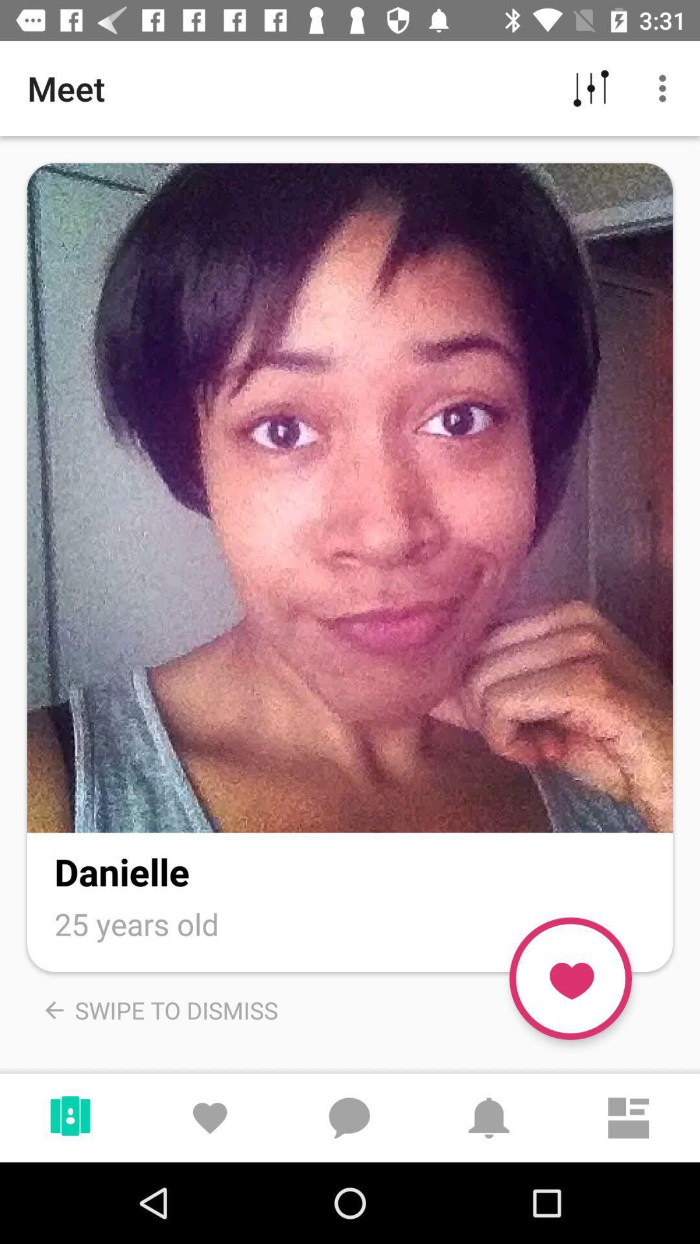 The image size is (700, 1244). I want to click on the second icon at the top right of the page, so click(666, 88).